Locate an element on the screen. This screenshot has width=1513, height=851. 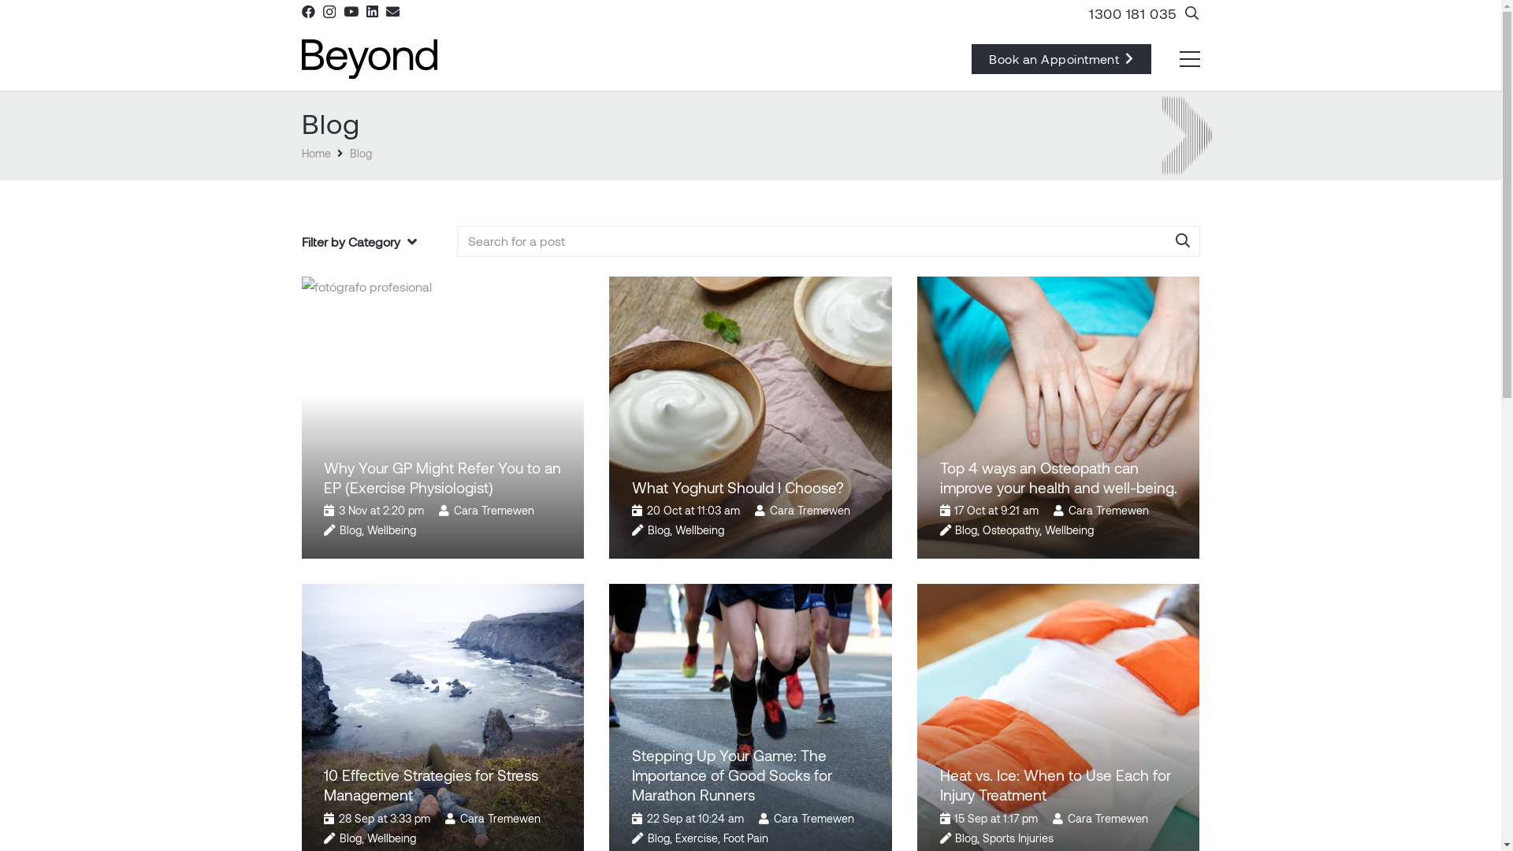
'Foot Pain' is located at coordinates (745, 837).